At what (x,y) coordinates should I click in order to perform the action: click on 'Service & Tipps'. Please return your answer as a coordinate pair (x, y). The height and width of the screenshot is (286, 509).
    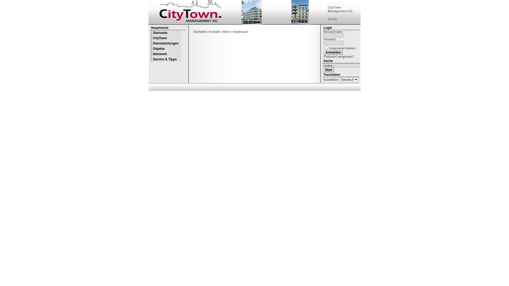
    Looking at the image, I should click on (165, 59).